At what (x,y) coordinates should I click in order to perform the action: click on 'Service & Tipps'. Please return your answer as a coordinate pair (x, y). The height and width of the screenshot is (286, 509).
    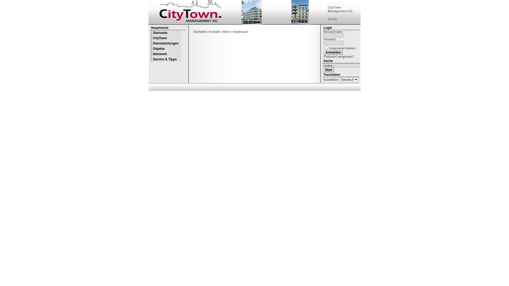
    Looking at the image, I should click on (165, 59).